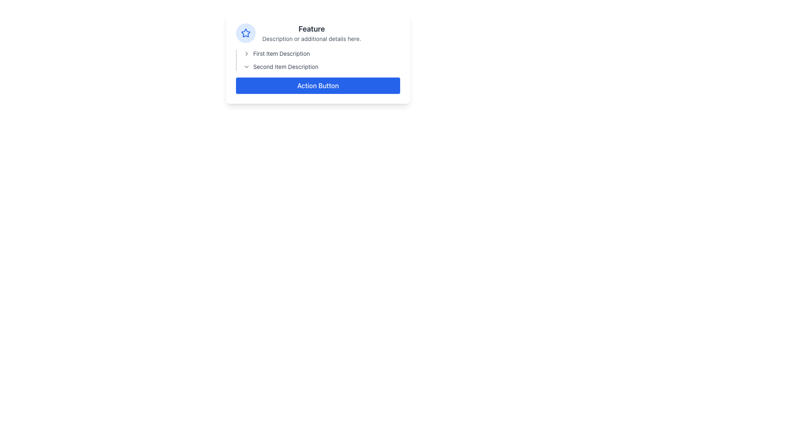 This screenshot has width=788, height=443. I want to click on the downward-facing chevron icon associated with the 'Second Item Description' to trigger potential visual feedback, so click(246, 66).